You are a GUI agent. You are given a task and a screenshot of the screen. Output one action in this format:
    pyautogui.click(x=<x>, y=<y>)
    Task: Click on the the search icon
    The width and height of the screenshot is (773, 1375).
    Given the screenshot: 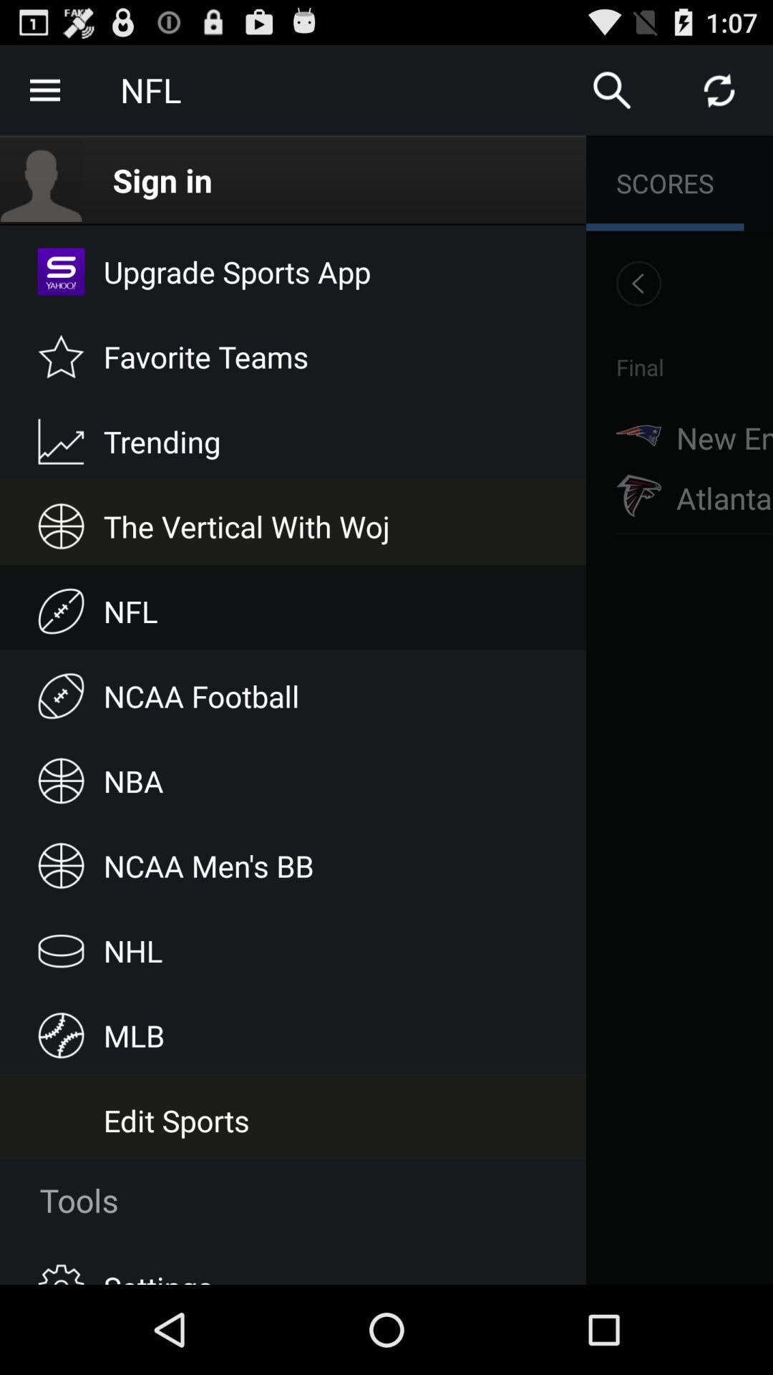 What is the action you would take?
    pyautogui.click(x=612, y=95)
    